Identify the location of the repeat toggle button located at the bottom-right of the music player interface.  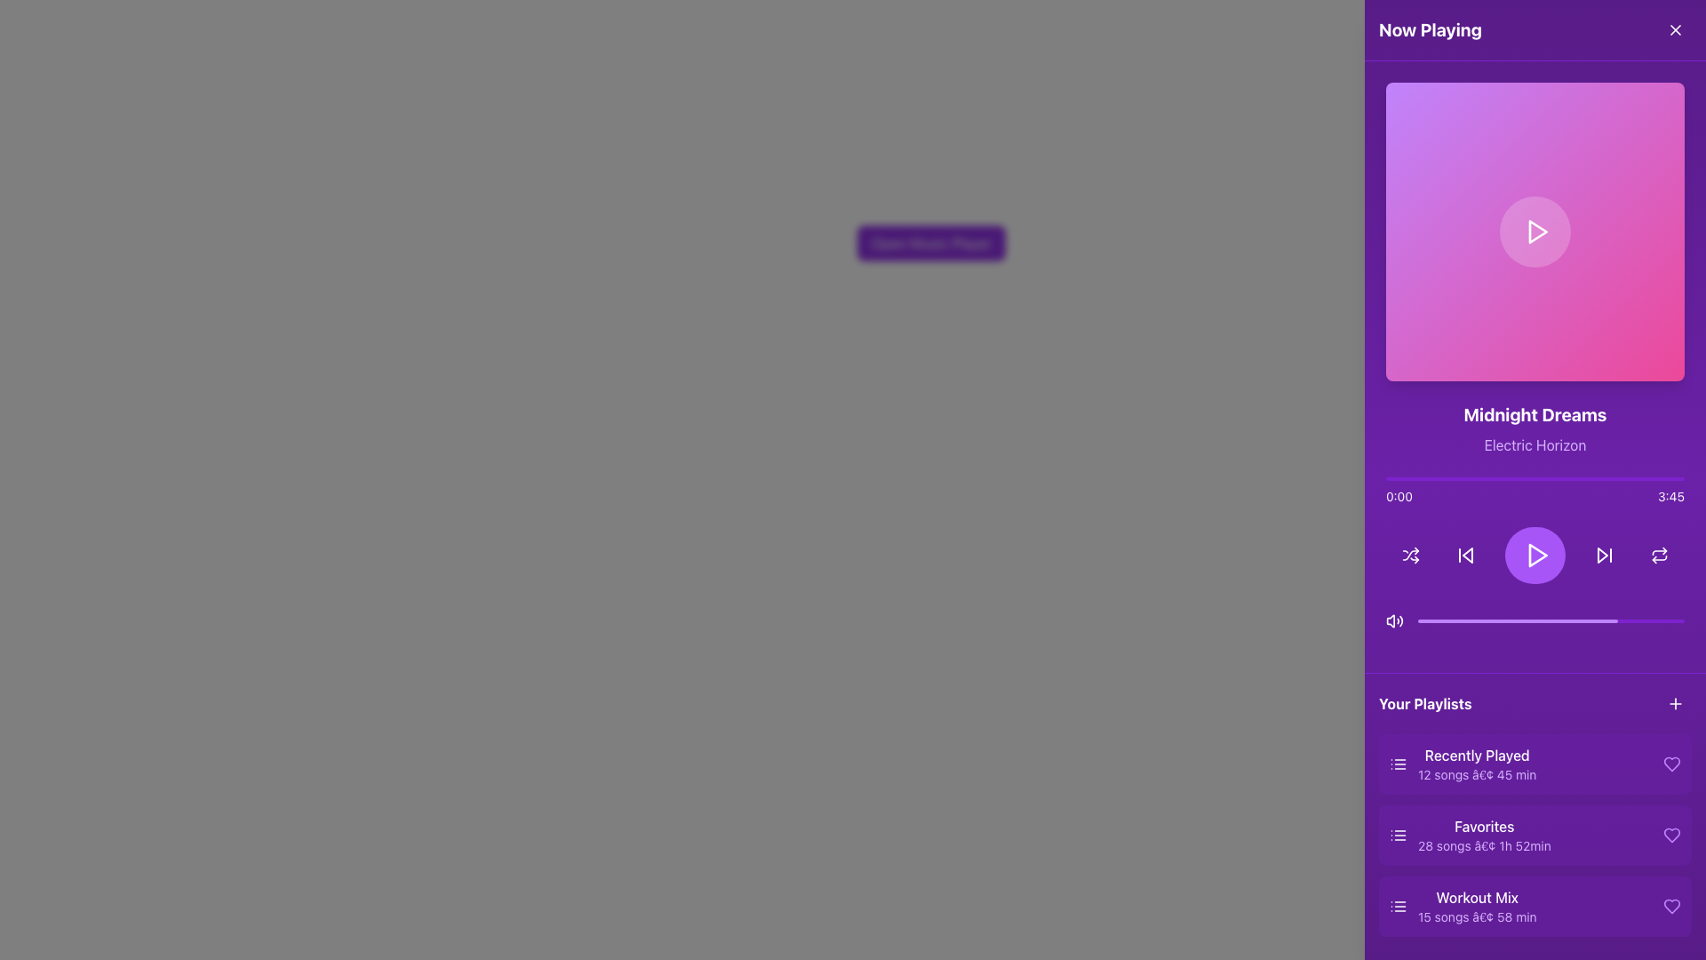
(1658, 554).